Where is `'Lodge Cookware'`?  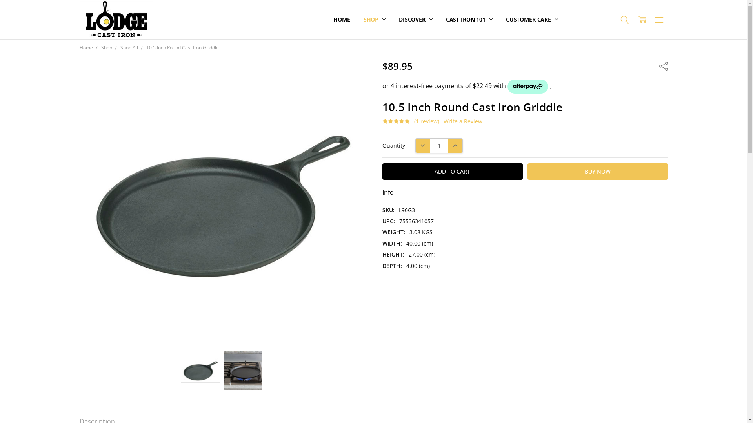
'Lodge Cookware' is located at coordinates (115, 19).